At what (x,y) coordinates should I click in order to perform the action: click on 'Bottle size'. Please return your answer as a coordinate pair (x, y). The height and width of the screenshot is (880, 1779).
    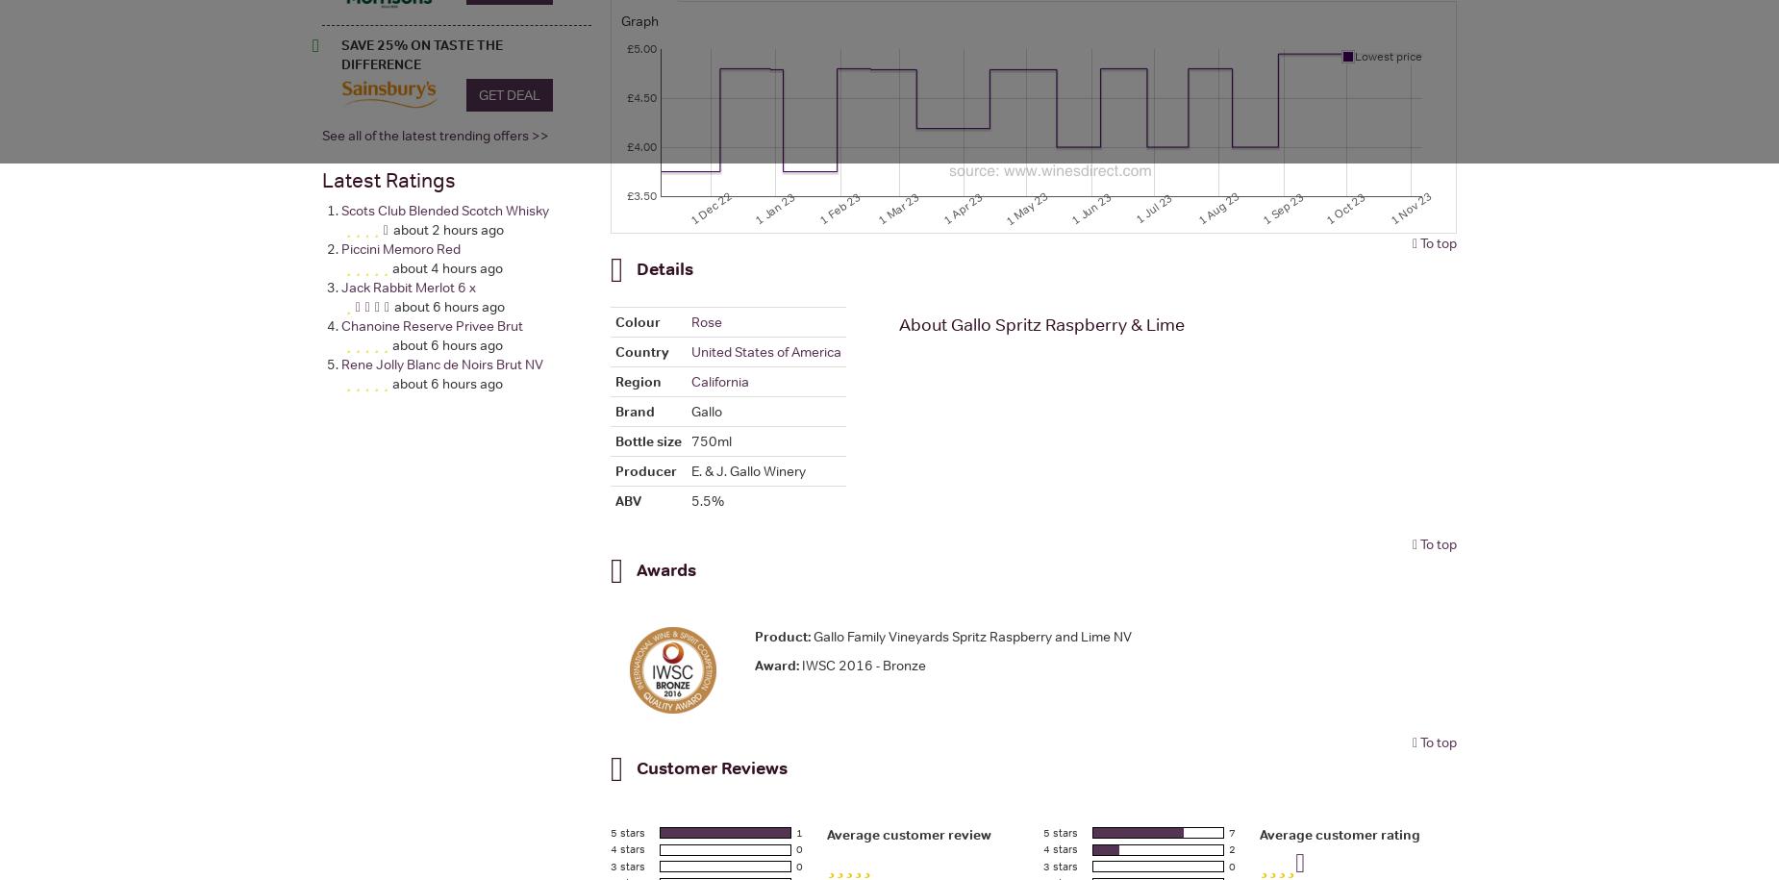
    Looking at the image, I should click on (648, 440).